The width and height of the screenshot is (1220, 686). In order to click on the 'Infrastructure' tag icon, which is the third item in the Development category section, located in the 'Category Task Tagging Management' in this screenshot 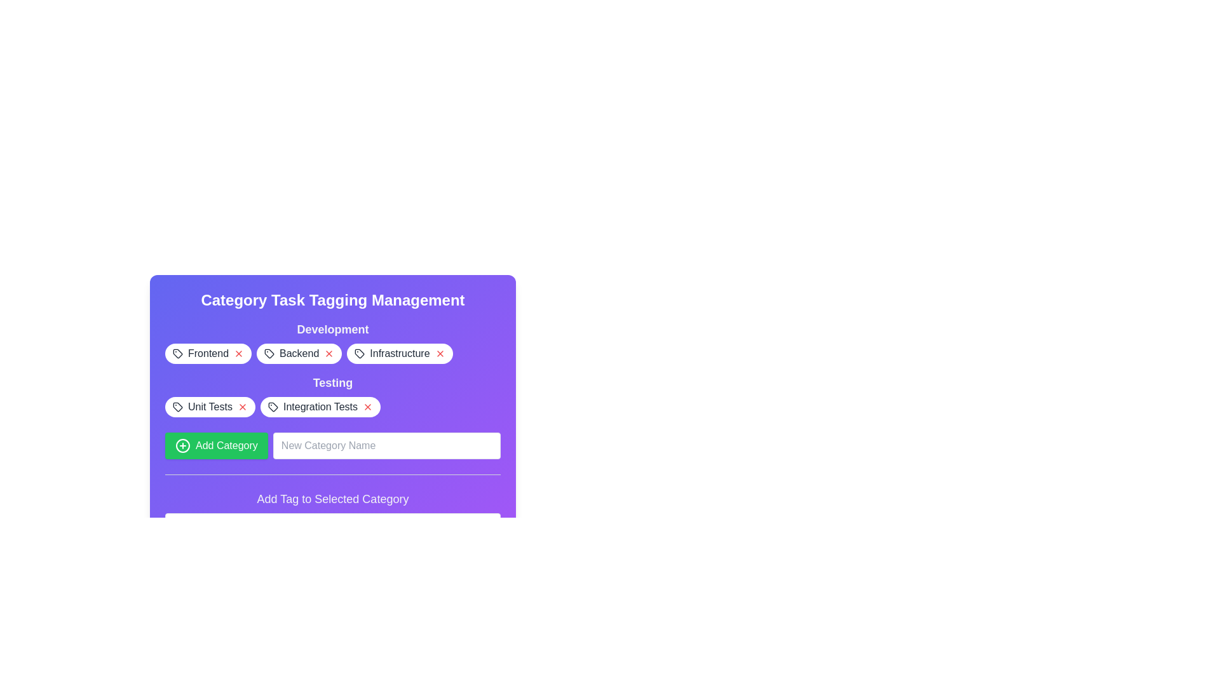, I will do `click(359, 353)`.